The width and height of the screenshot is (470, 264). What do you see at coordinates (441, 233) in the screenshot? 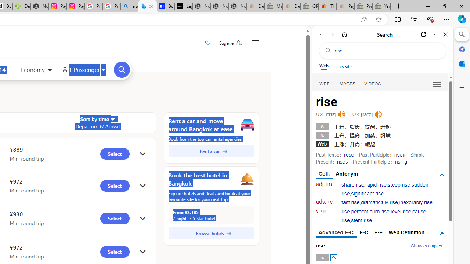
I see `'AutomationID: tgdef'` at bounding box center [441, 233].